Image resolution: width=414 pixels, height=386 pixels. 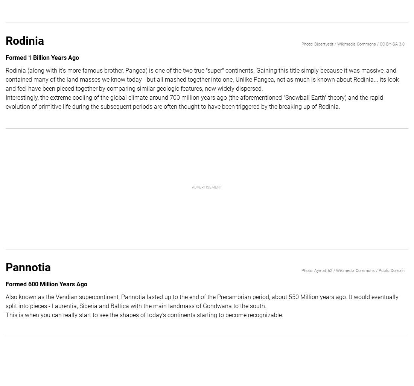 I want to click on 'CC BY-SA 3.0', so click(x=392, y=44).